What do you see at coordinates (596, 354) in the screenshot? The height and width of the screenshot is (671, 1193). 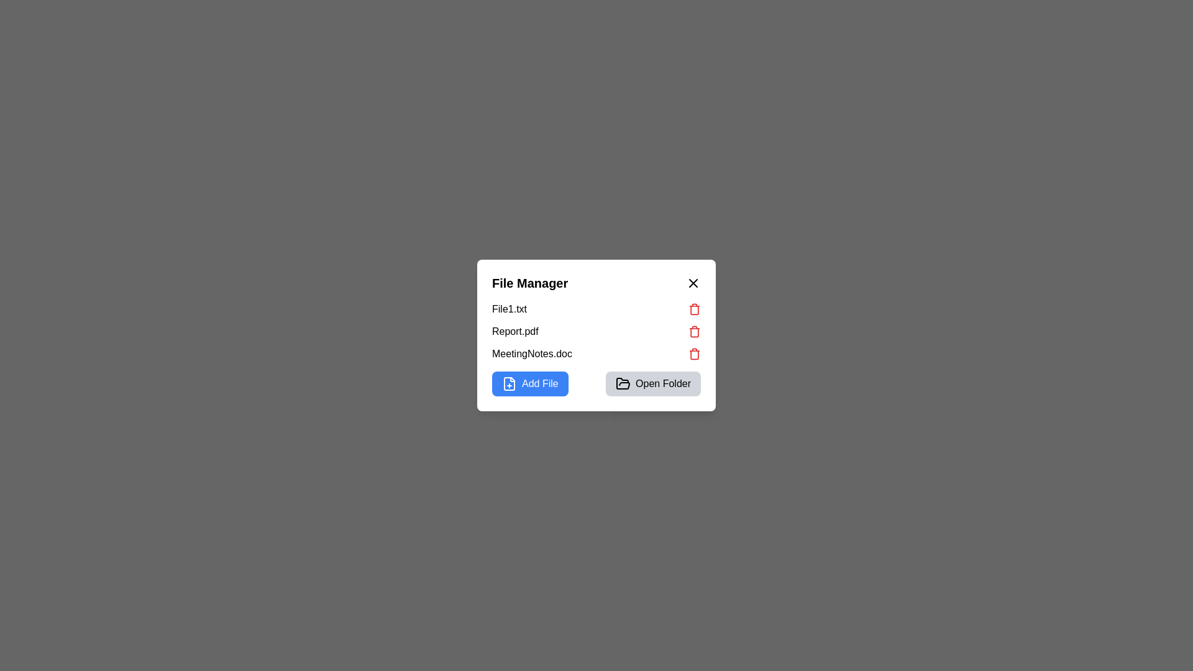 I see `the filename 'MeetingNotes.doc'` at bounding box center [596, 354].